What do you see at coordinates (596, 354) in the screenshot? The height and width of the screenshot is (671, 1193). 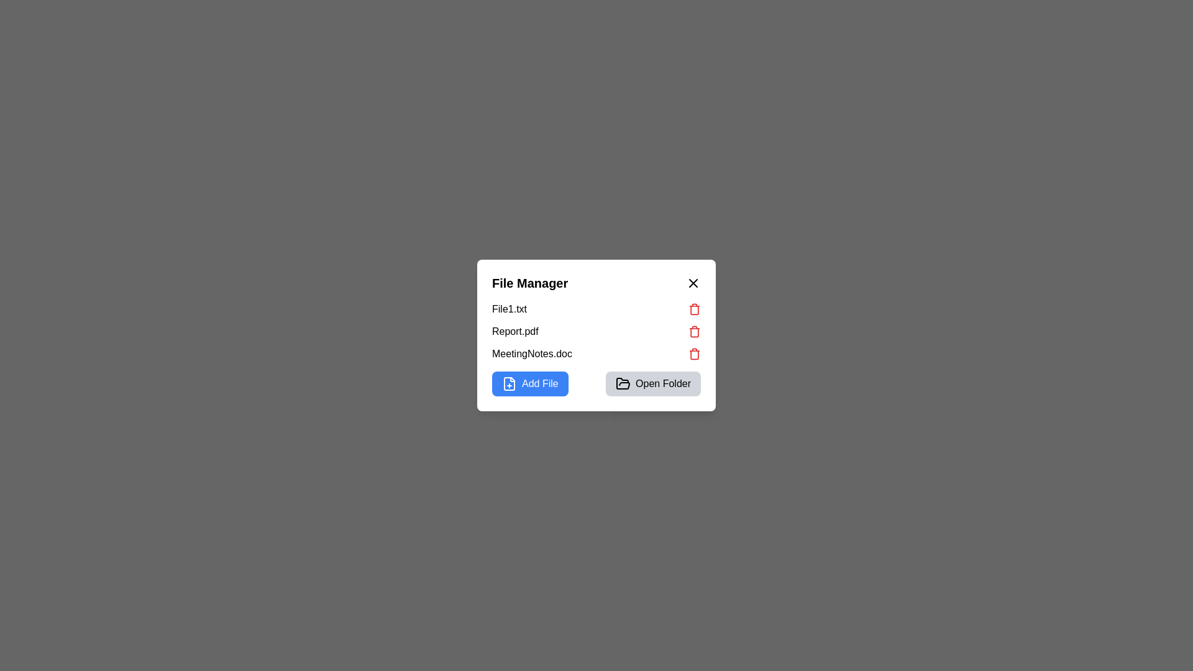 I see `the filename 'MeetingNotes.doc'` at bounding box center [596, 354].